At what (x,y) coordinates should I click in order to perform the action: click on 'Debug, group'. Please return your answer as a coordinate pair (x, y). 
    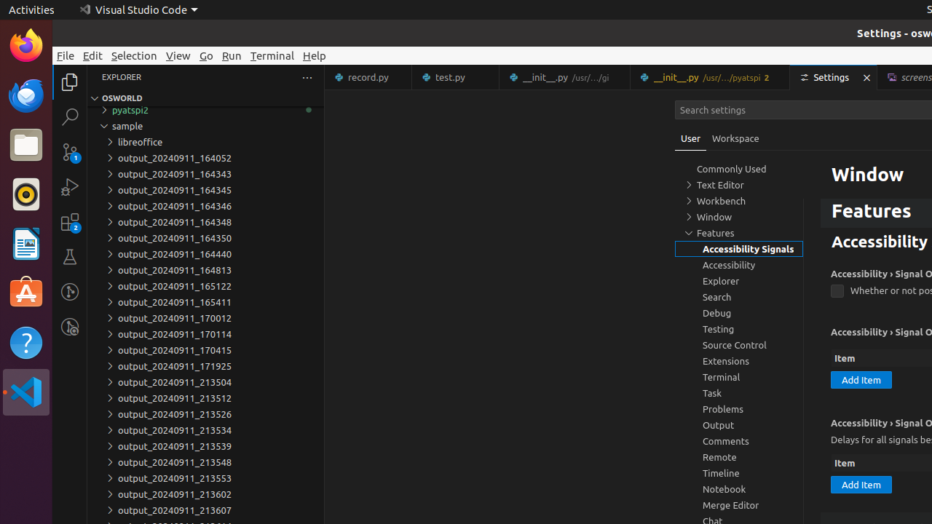
    Looking at the image, I should click on (739, 311).